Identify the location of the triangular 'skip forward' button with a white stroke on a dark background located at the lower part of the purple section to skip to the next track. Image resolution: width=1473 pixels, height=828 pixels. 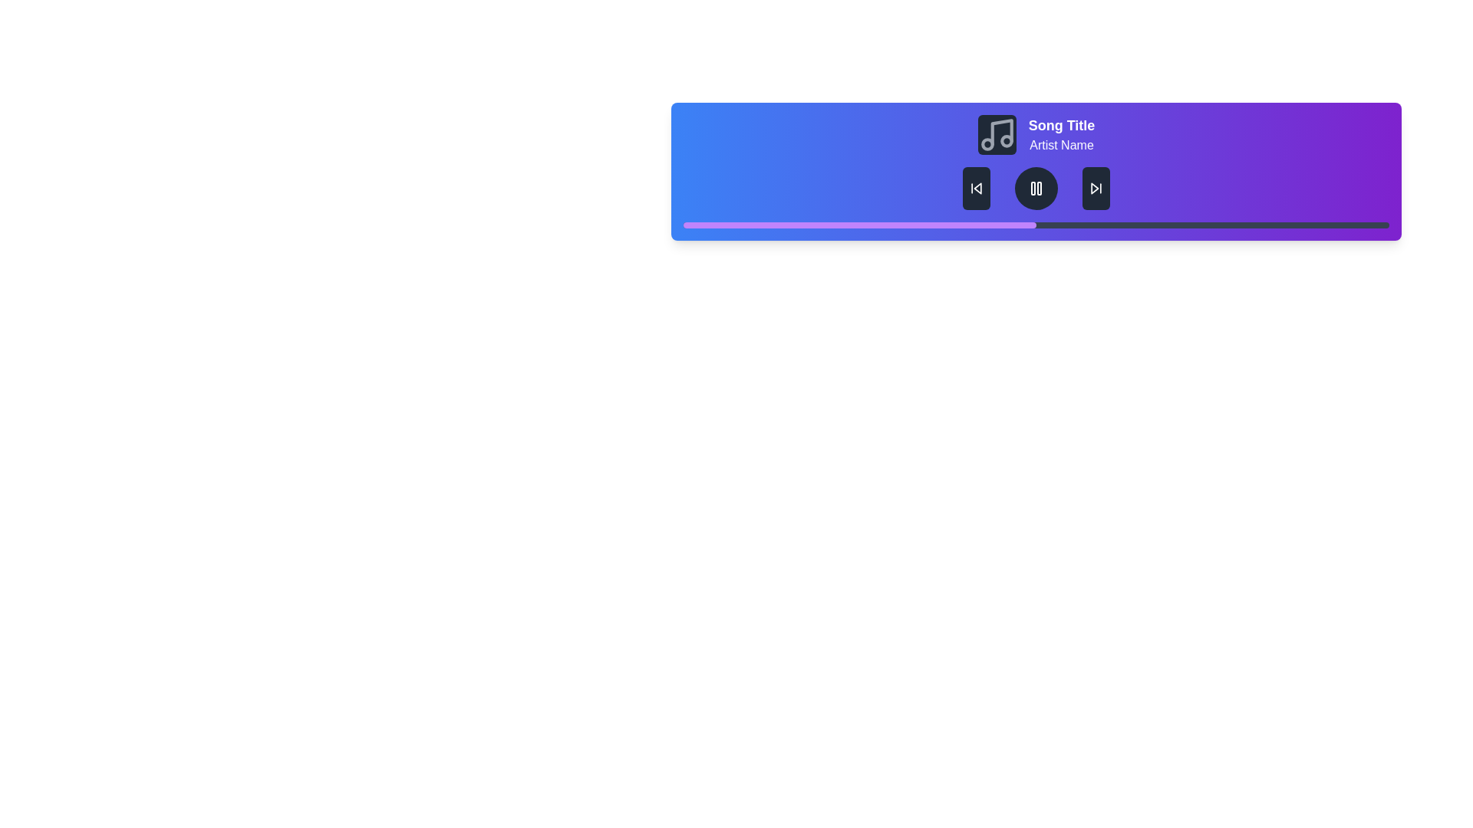
(1096, 188).